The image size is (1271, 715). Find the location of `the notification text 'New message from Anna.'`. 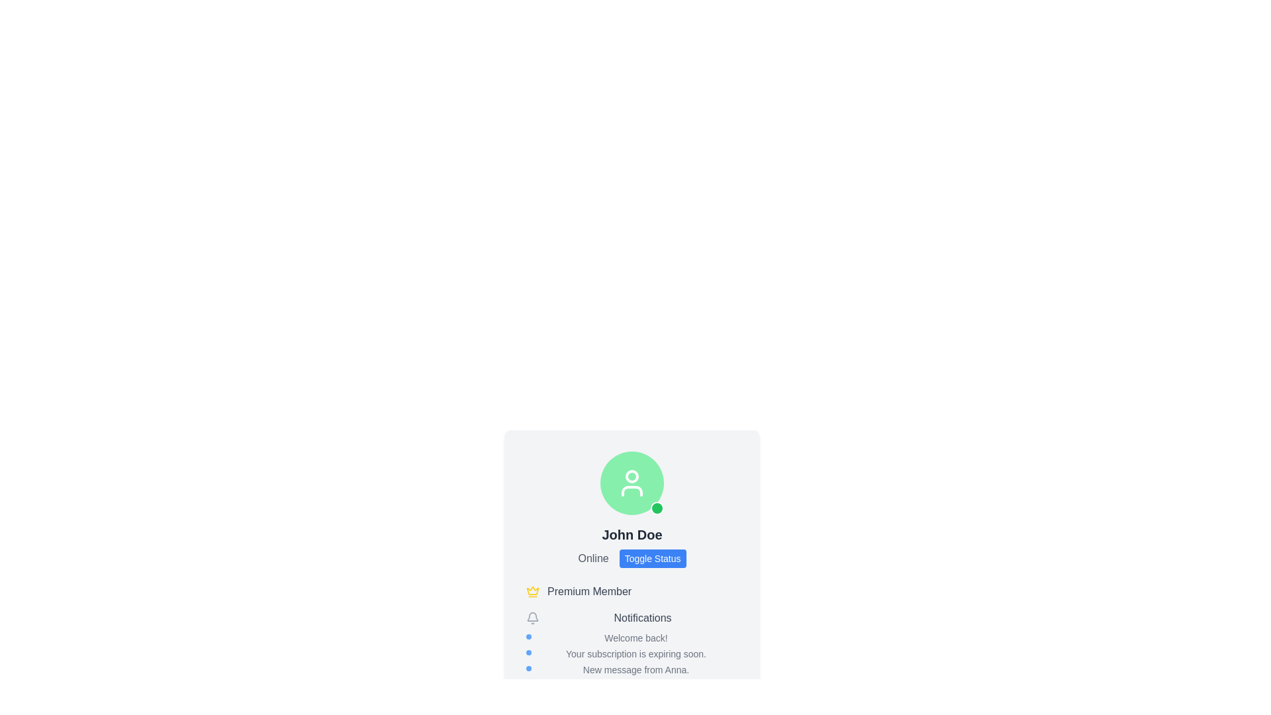

the notification text 'New message from Anna.' is located at coordinates (632, 669).